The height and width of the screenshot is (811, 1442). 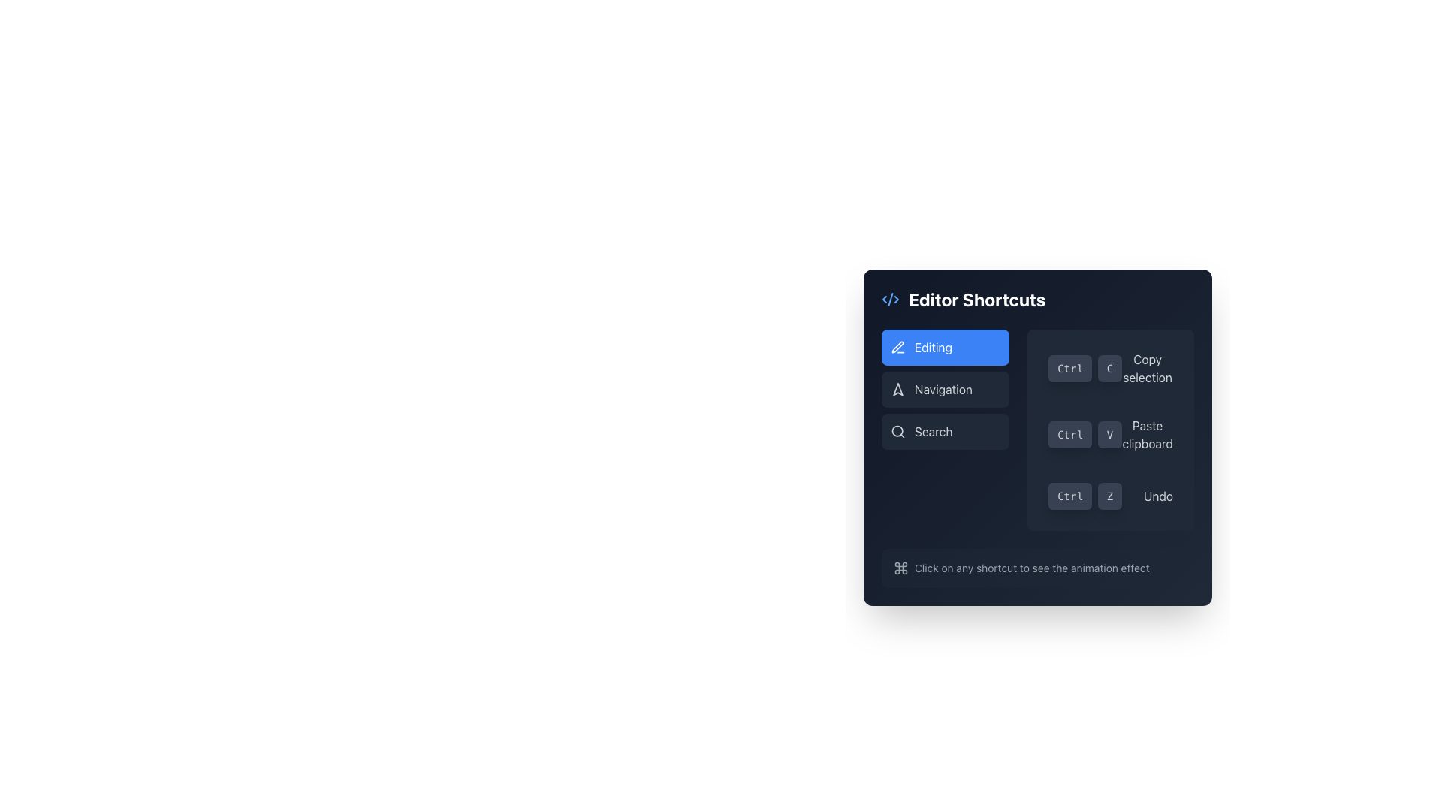 What do you see at coordinates (933, 431) in the screenshot?
I see `the 'Search' button with light gray text on a dark gray background located within the 'Editor Shortcuts' sidebar` at bounding box center [933, 431].